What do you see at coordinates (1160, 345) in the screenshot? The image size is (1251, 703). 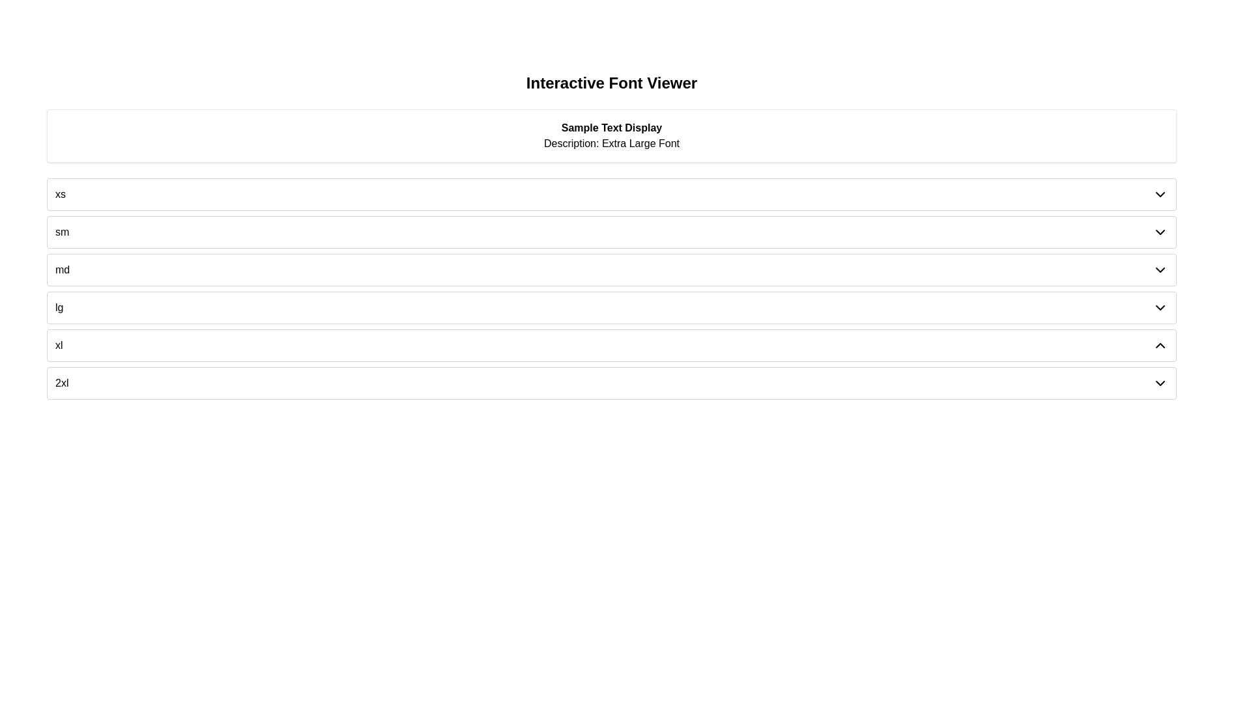 I see `the collapse arrow icon located at the far right of the dropdown button labeled 'xl'` at bounding box center [1160, 345].